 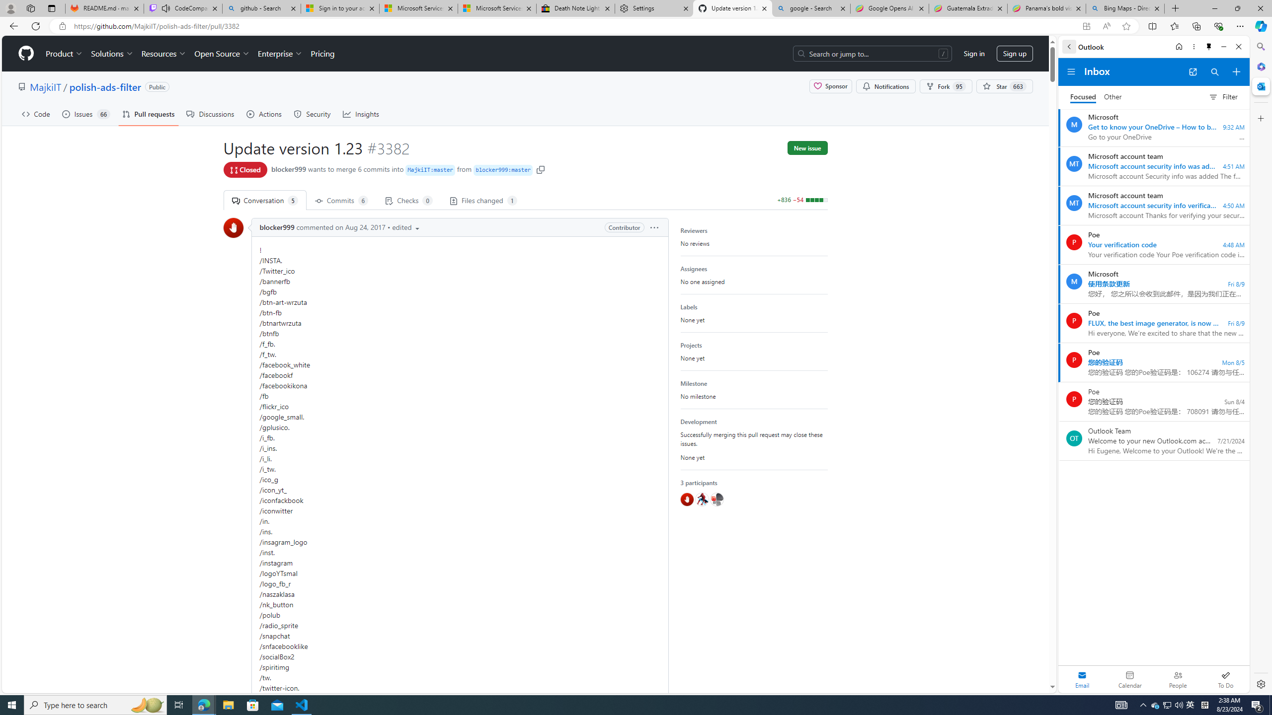 I want to click on 'Open Source', so click(x=223, y=53).